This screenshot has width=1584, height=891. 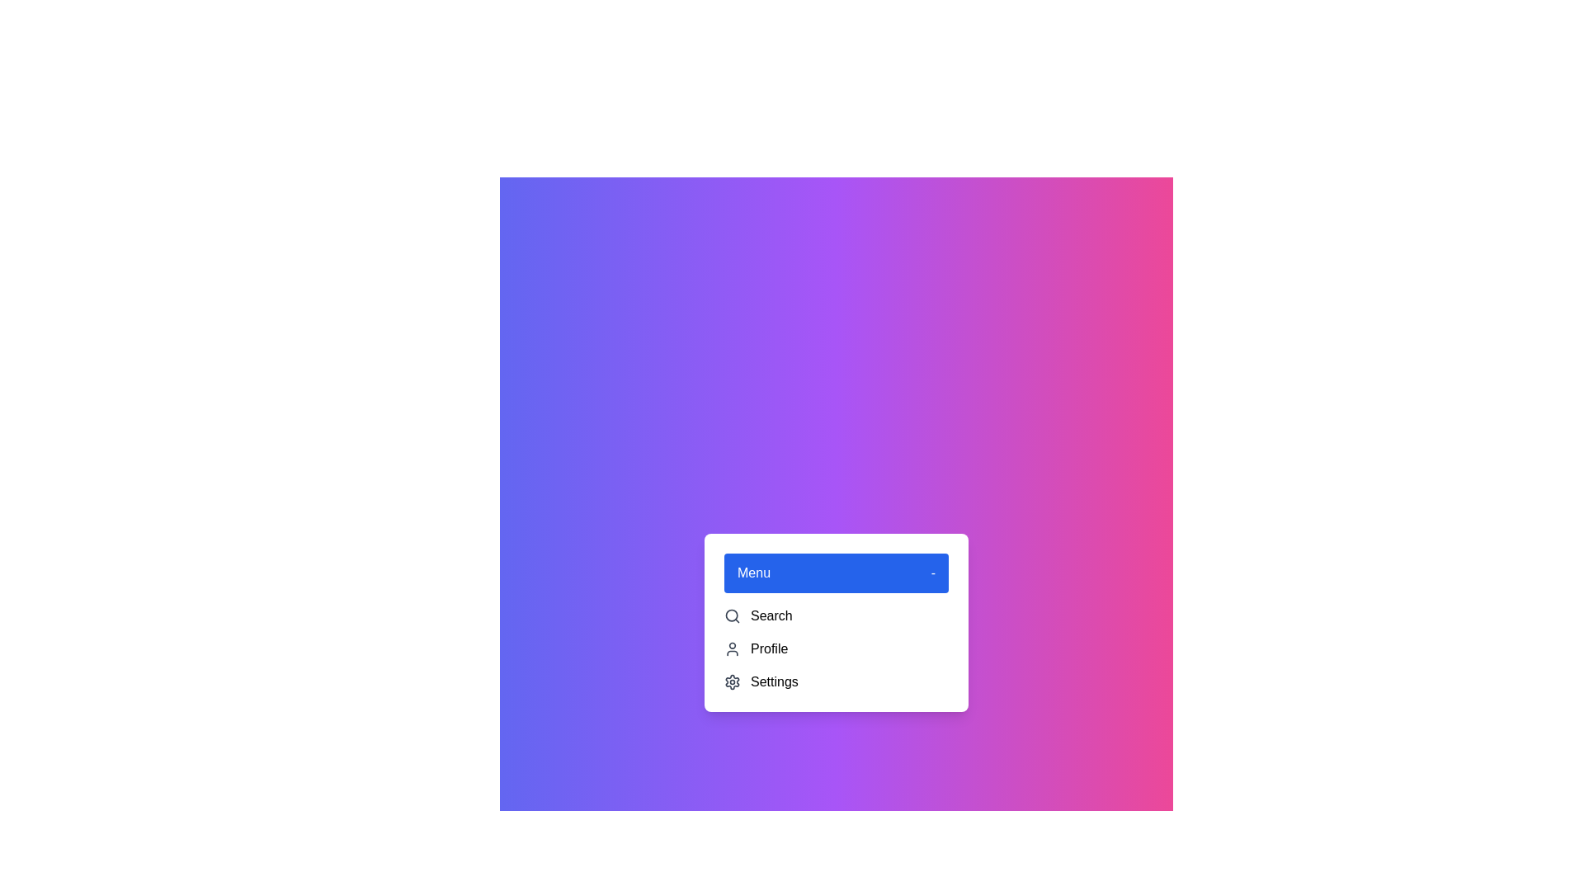 What do you see at coordinates (836, 572) in the screenshot?
I see `menu button to toggle the dropdown menu` at bounding box center [836, 572].